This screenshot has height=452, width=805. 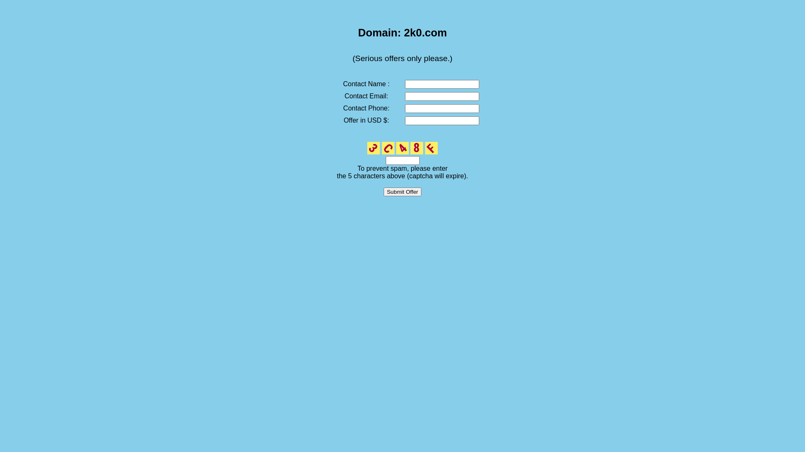 I want to click on 'Submit Offer', so click(x=402, y=192).